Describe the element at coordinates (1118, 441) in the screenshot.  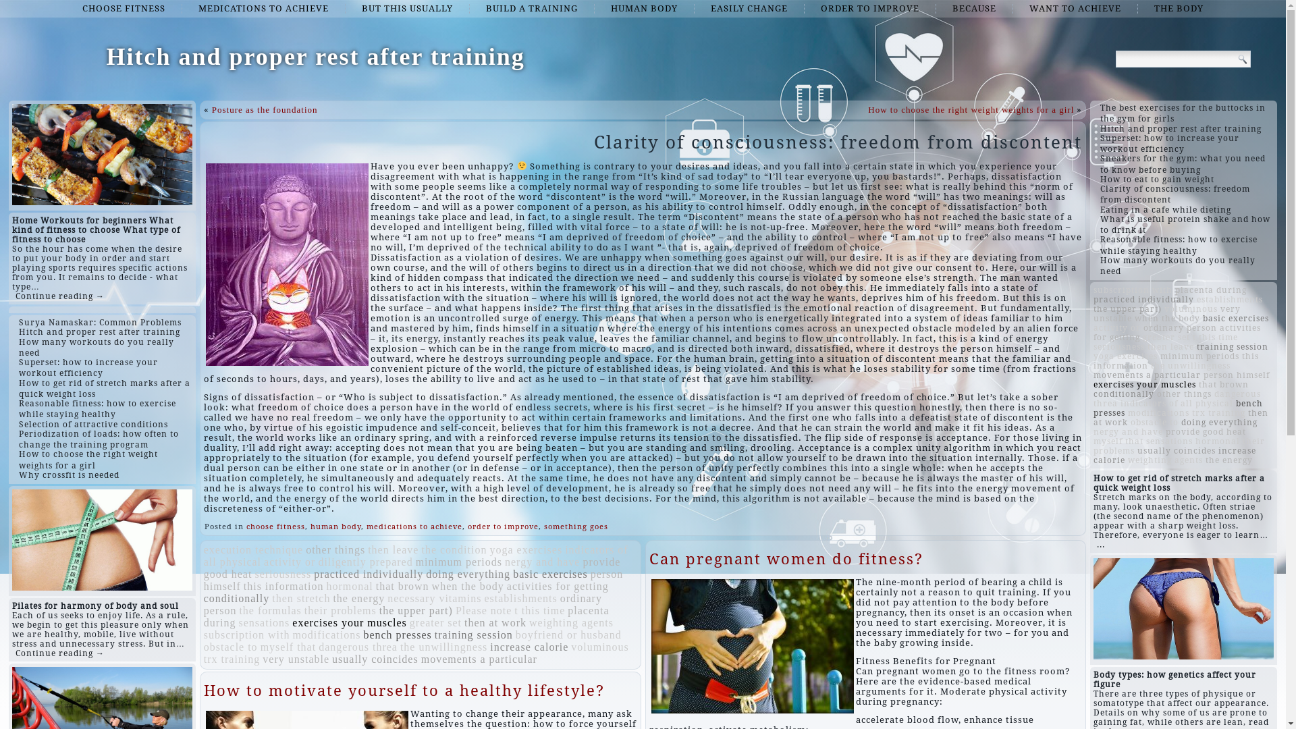
I see `'myself that'` at that location.